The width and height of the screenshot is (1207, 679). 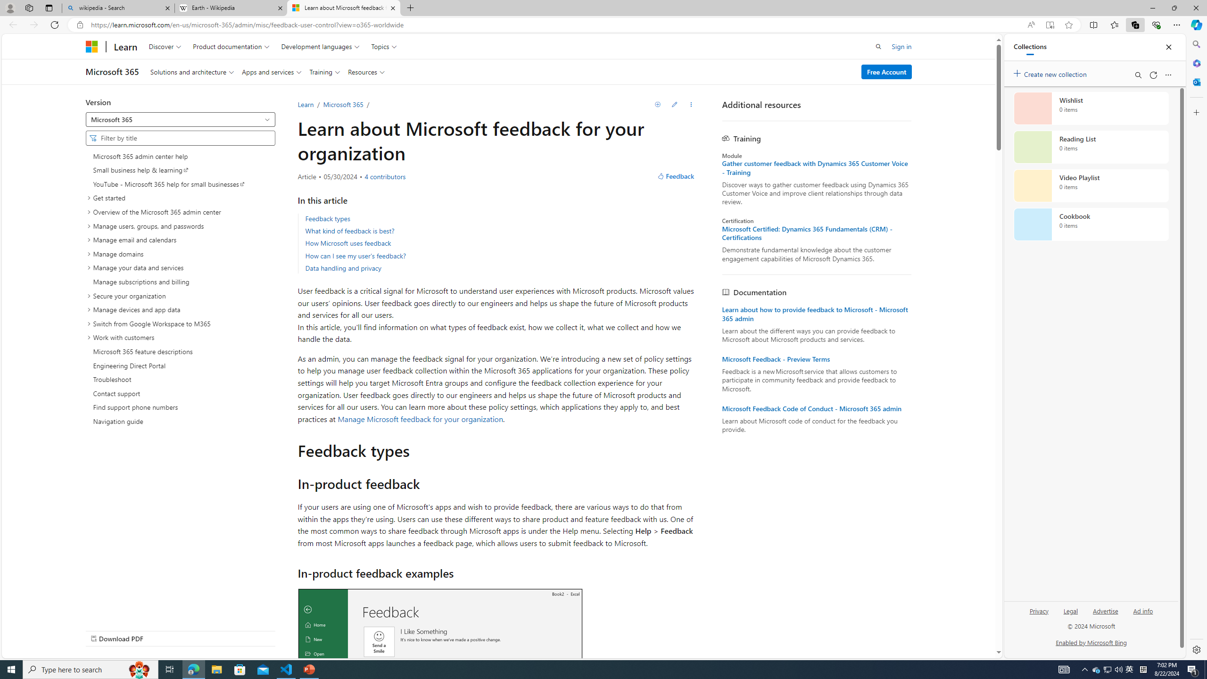 What do you see at coordinates (384, 46) in the screenshot?
I see `'Topics'` at bounding box center [384, 46].